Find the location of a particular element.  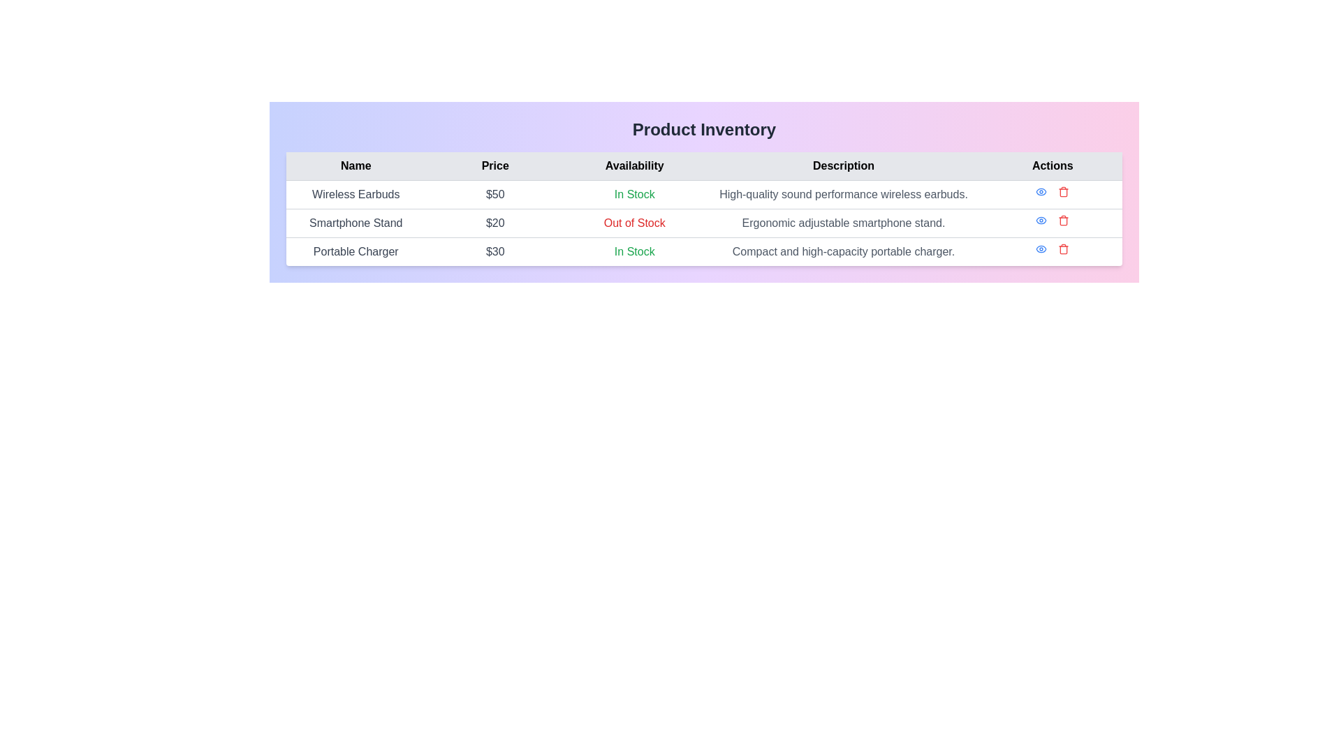

the price label displaying the price information for 'Wireless Earbuds', which is located in the second cell of the 'Price' column in the product table is located at coordinates (495, 194).